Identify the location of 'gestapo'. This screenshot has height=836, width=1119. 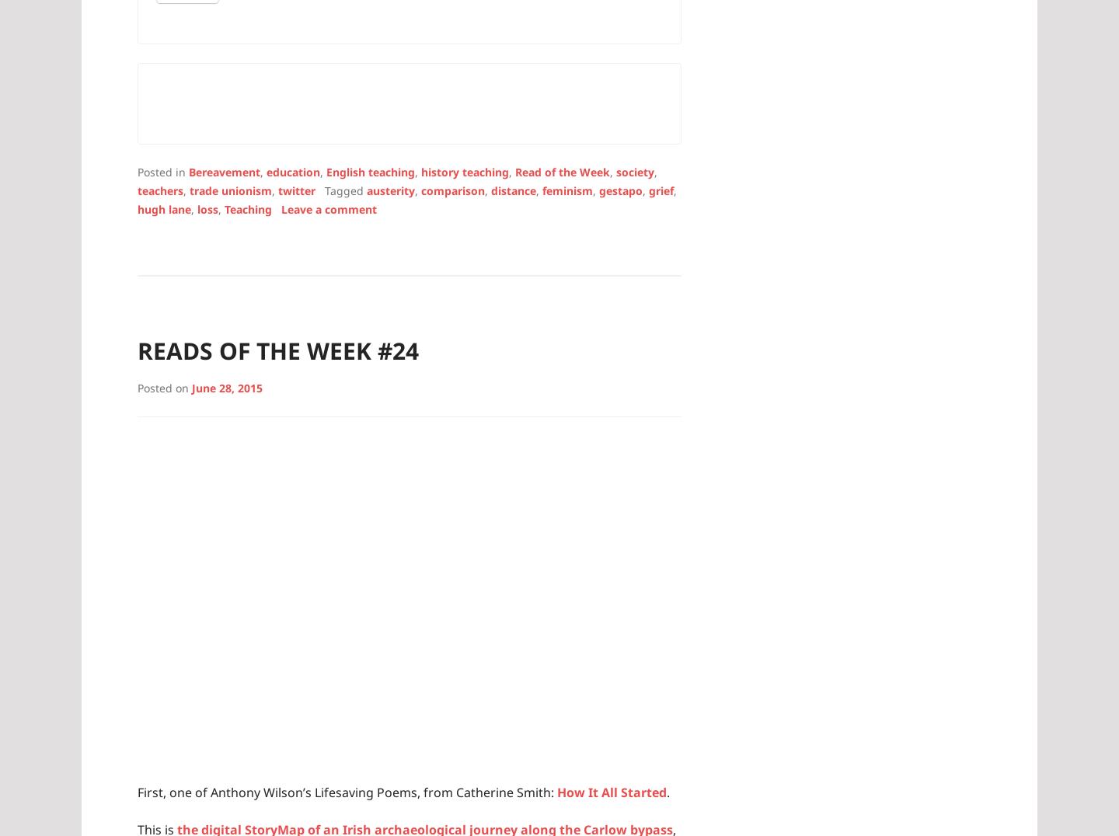
(621, 190).